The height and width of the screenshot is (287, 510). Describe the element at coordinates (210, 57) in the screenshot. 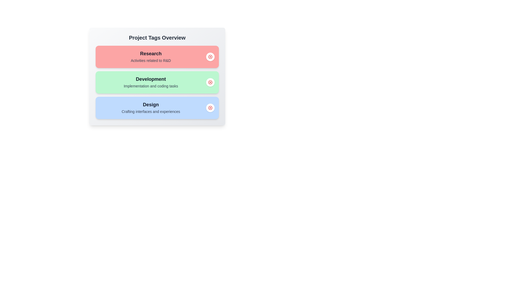

I see `the delete button for the tag Research` at that location.